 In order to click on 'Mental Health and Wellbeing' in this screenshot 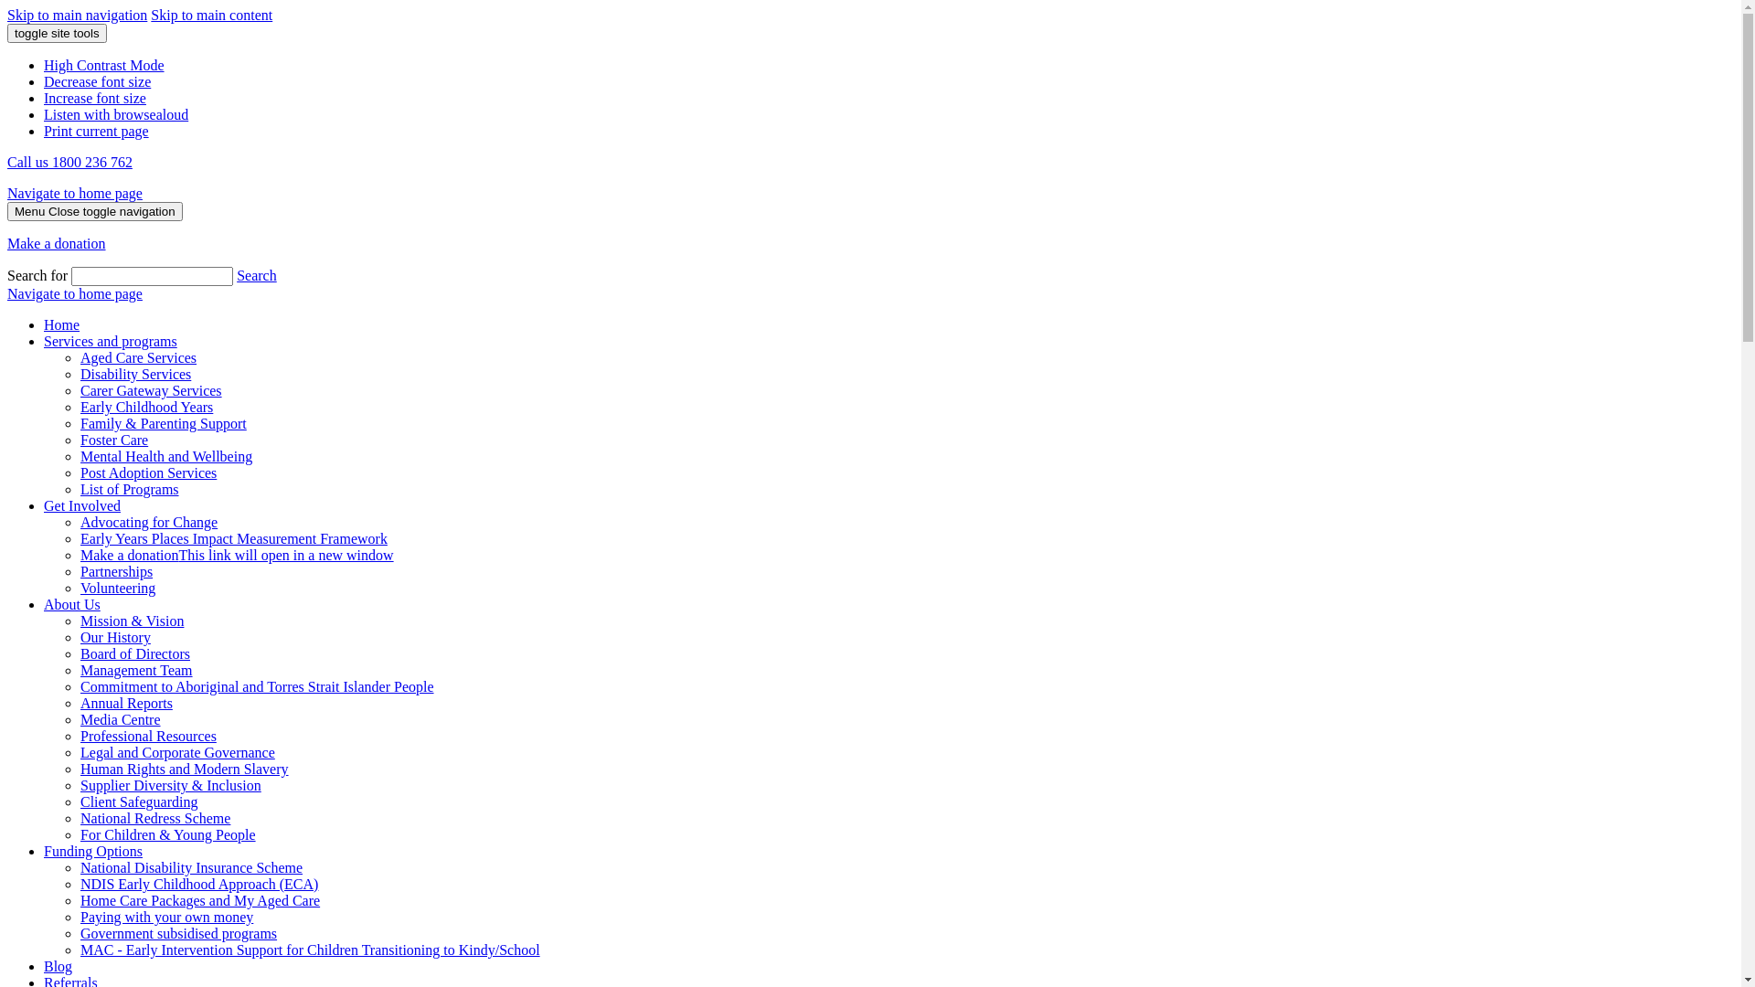, I will do `click(166, 455)`.